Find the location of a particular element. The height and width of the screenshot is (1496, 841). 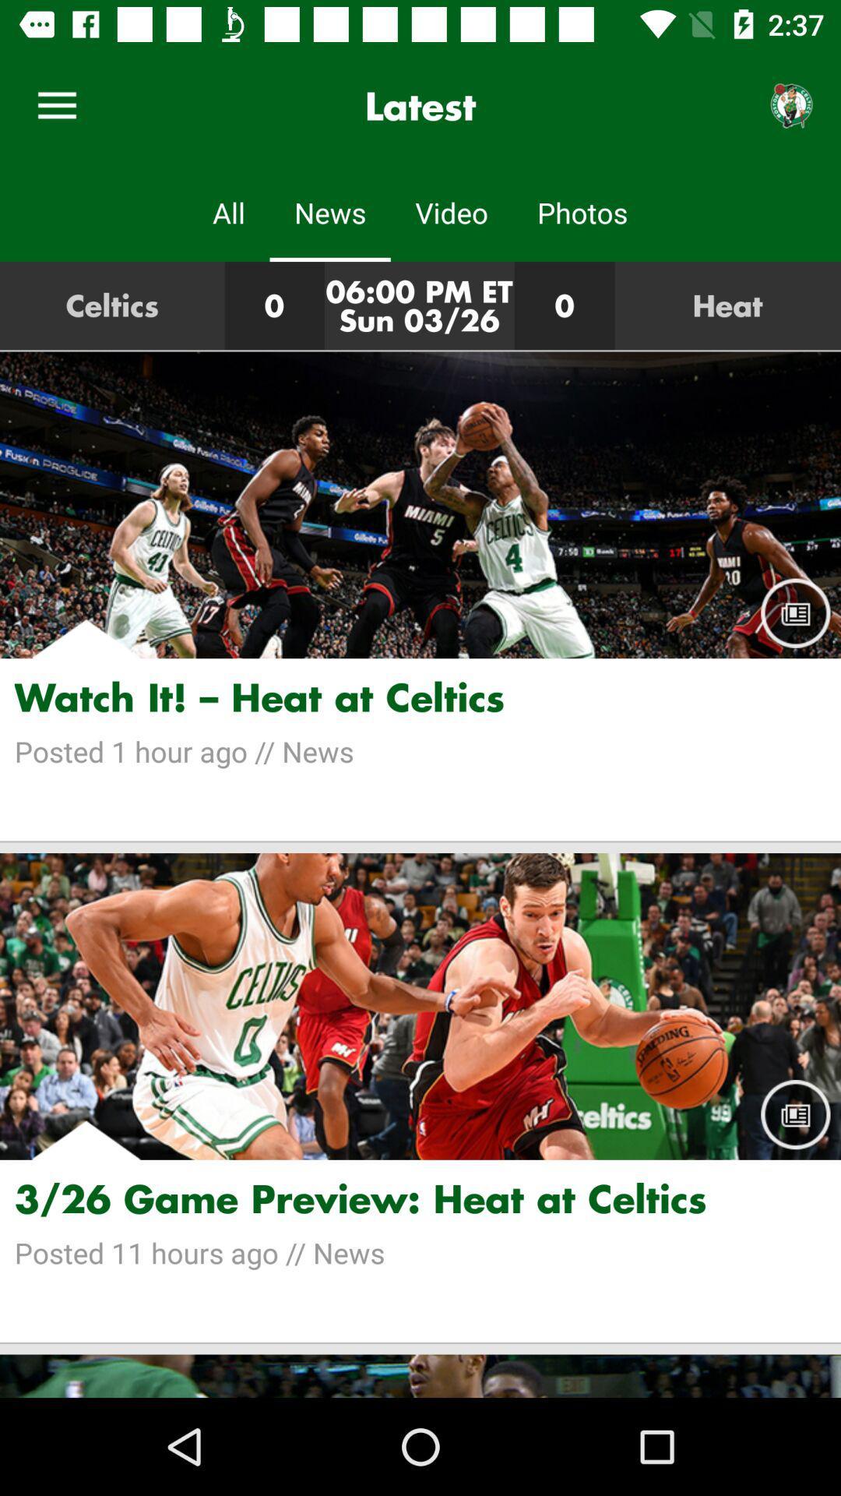

the item to the right of latest icon is located at coordinates (792, 105).